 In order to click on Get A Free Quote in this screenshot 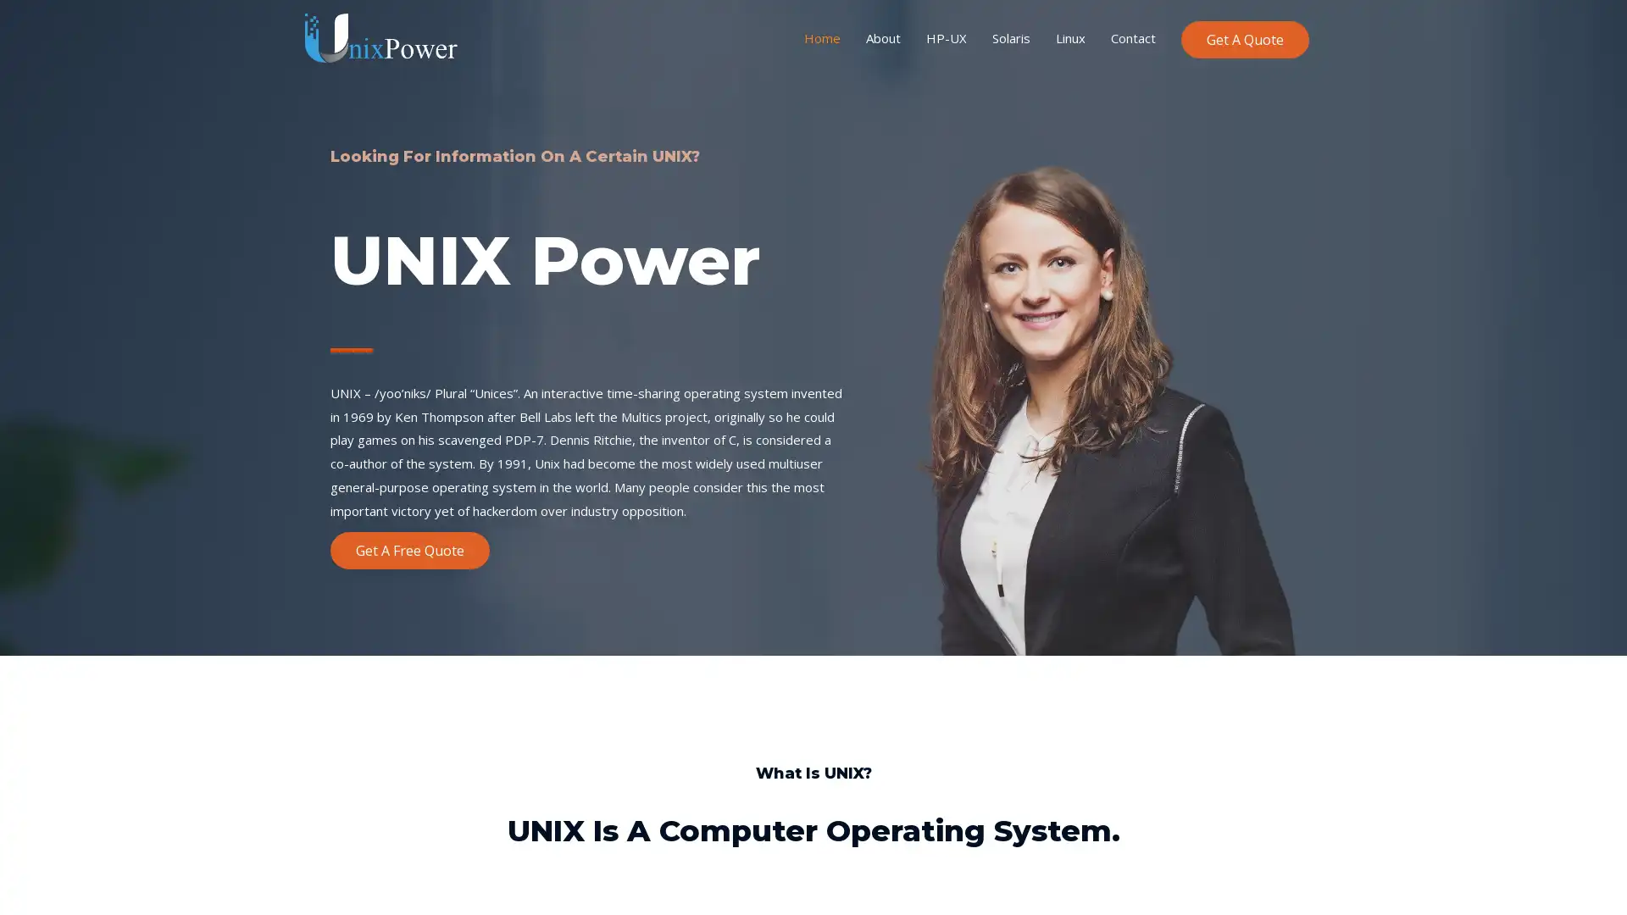, I will do `click(410, 549)`.